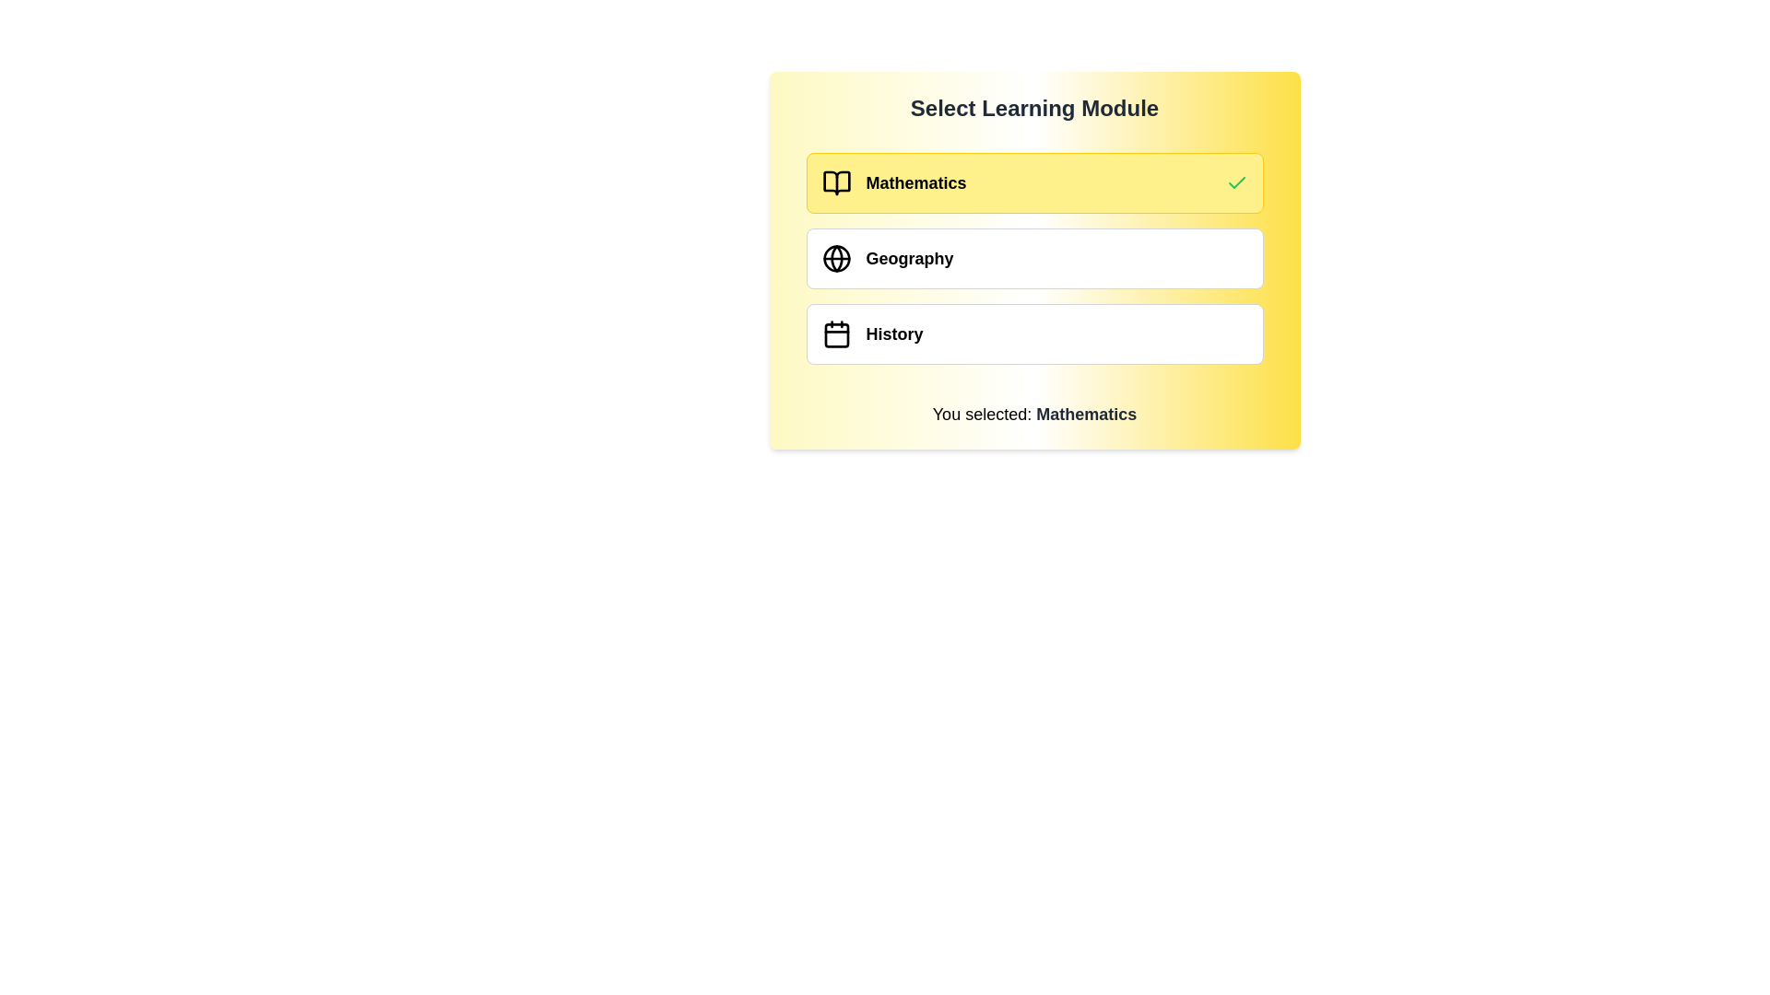  I want to click on the Rectangular SVG shape with rounded corners that serves as the background of the calendar icon located to the left of the 'History' text in the option list, so click(835, 335).